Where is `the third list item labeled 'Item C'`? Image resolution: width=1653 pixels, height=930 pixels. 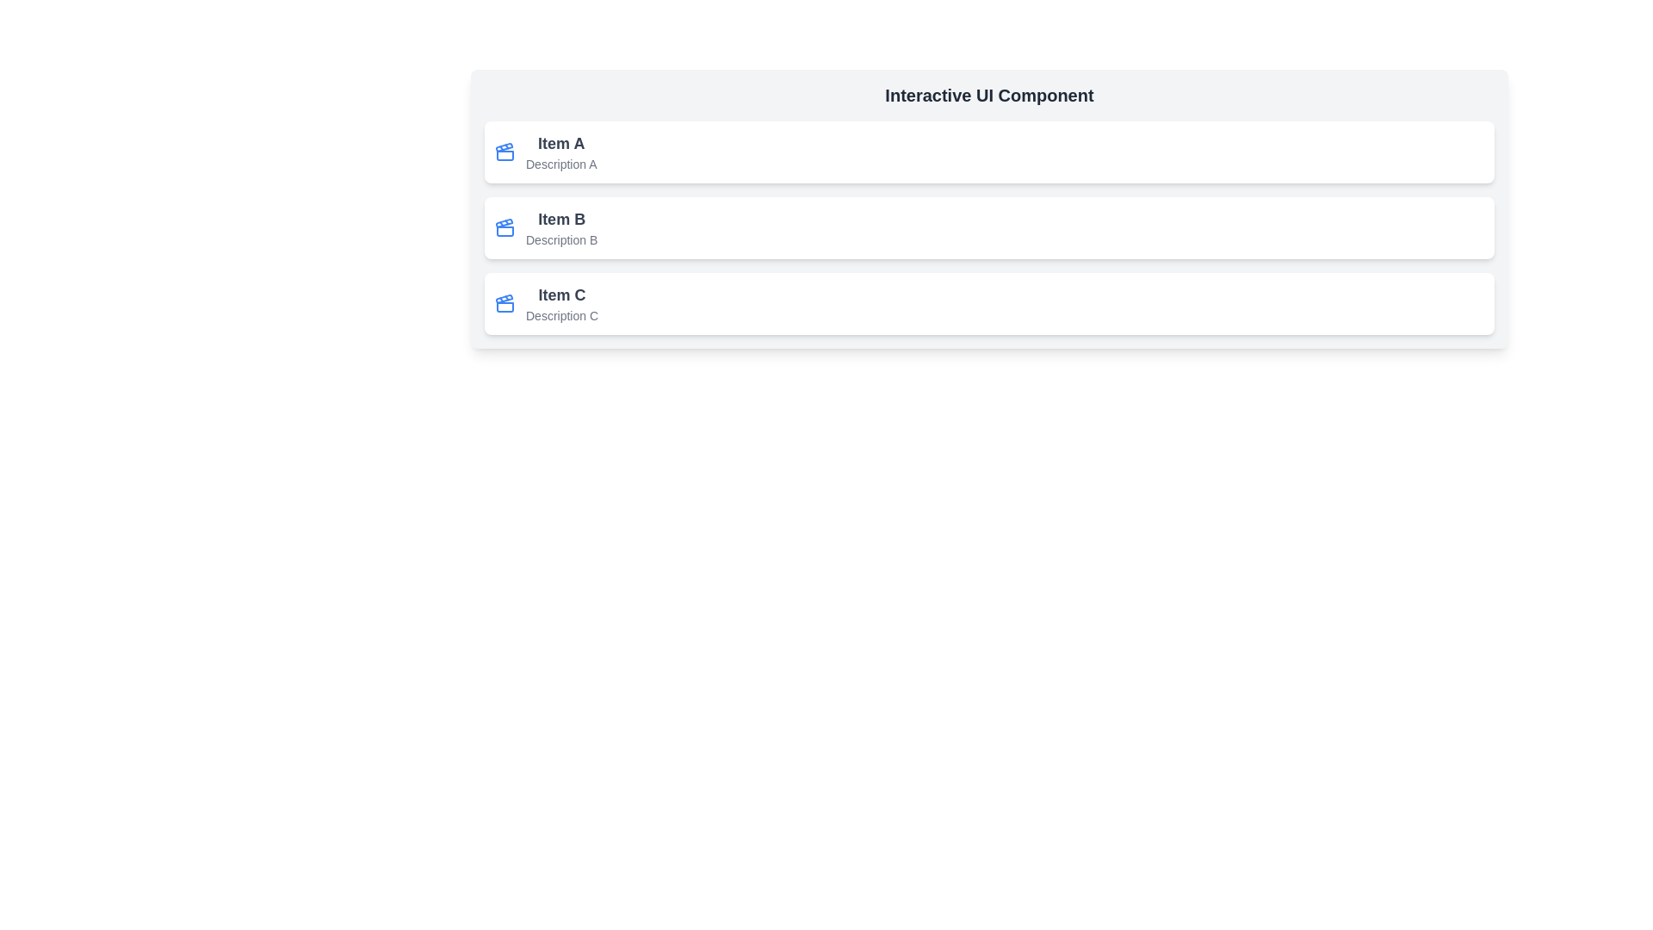
the third list item labeled 'Item C' is located at coordinates (561, 303).